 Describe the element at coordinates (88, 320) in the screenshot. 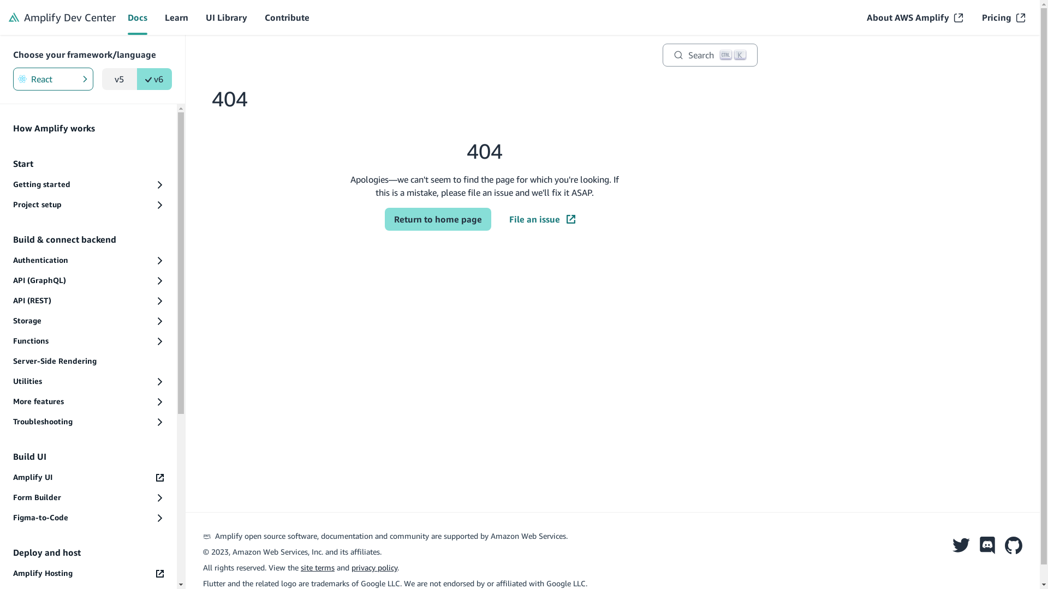

I see `'Storage'` at that location.